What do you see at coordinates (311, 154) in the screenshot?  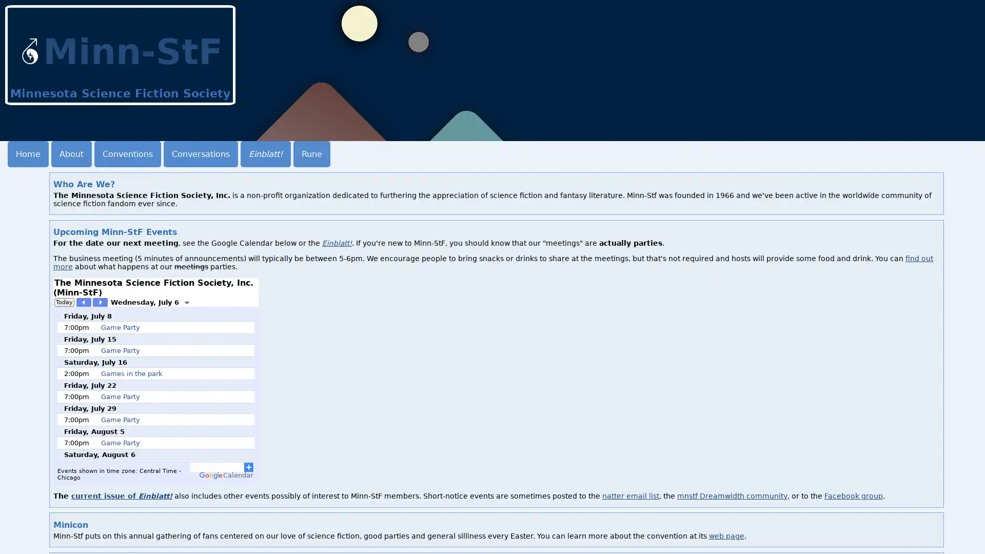 I see `Rune` at bounding box center [311, 154].